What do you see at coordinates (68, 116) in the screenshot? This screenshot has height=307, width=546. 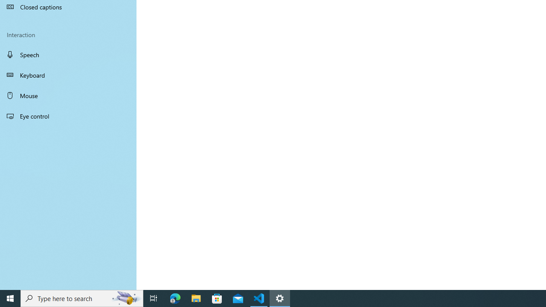 I see `'Eye control'` at bounding box center [68, 116].